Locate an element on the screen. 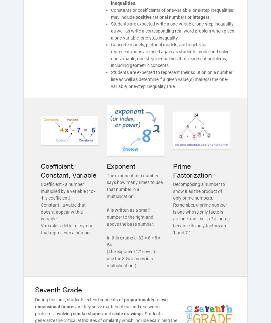 This screenshot has height=323, width=271. 'scale' is located at coordinates (117, 313).